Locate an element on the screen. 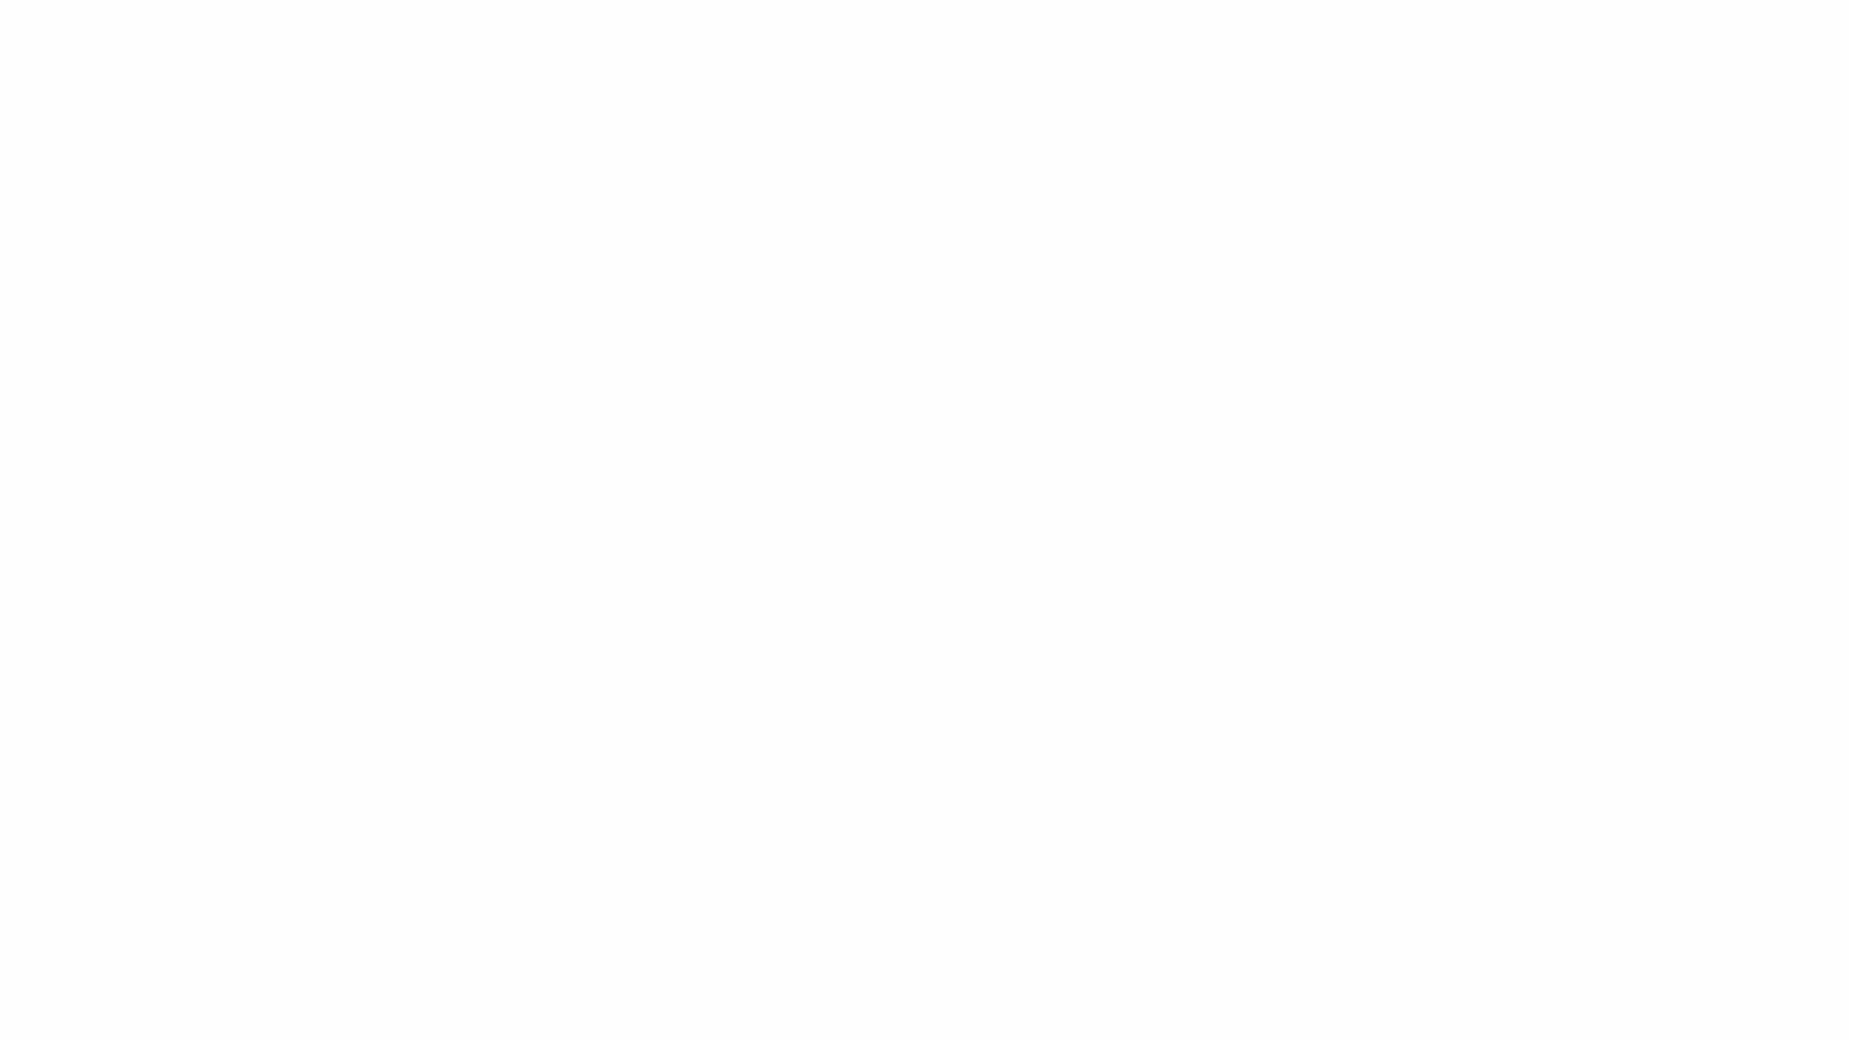  Search is located at coordinates (1390, 37).